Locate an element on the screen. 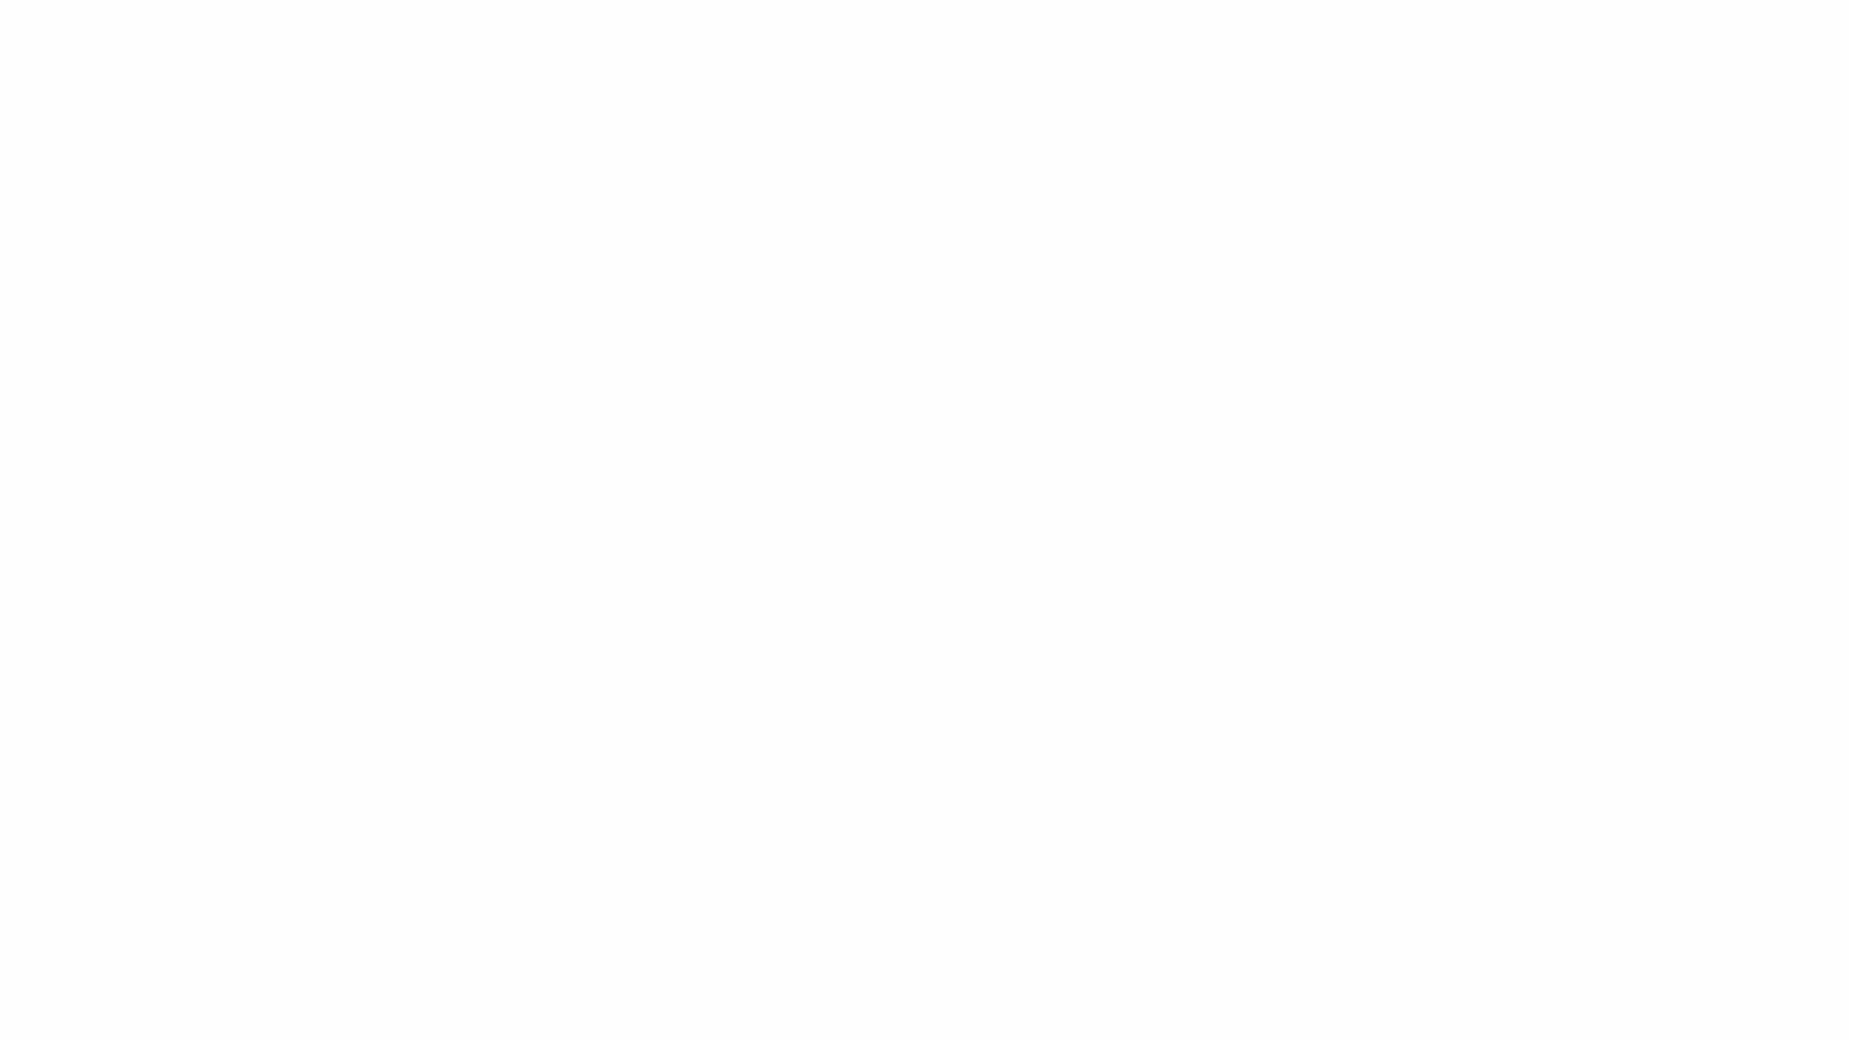  Search is located at coordinates (1390, 37).